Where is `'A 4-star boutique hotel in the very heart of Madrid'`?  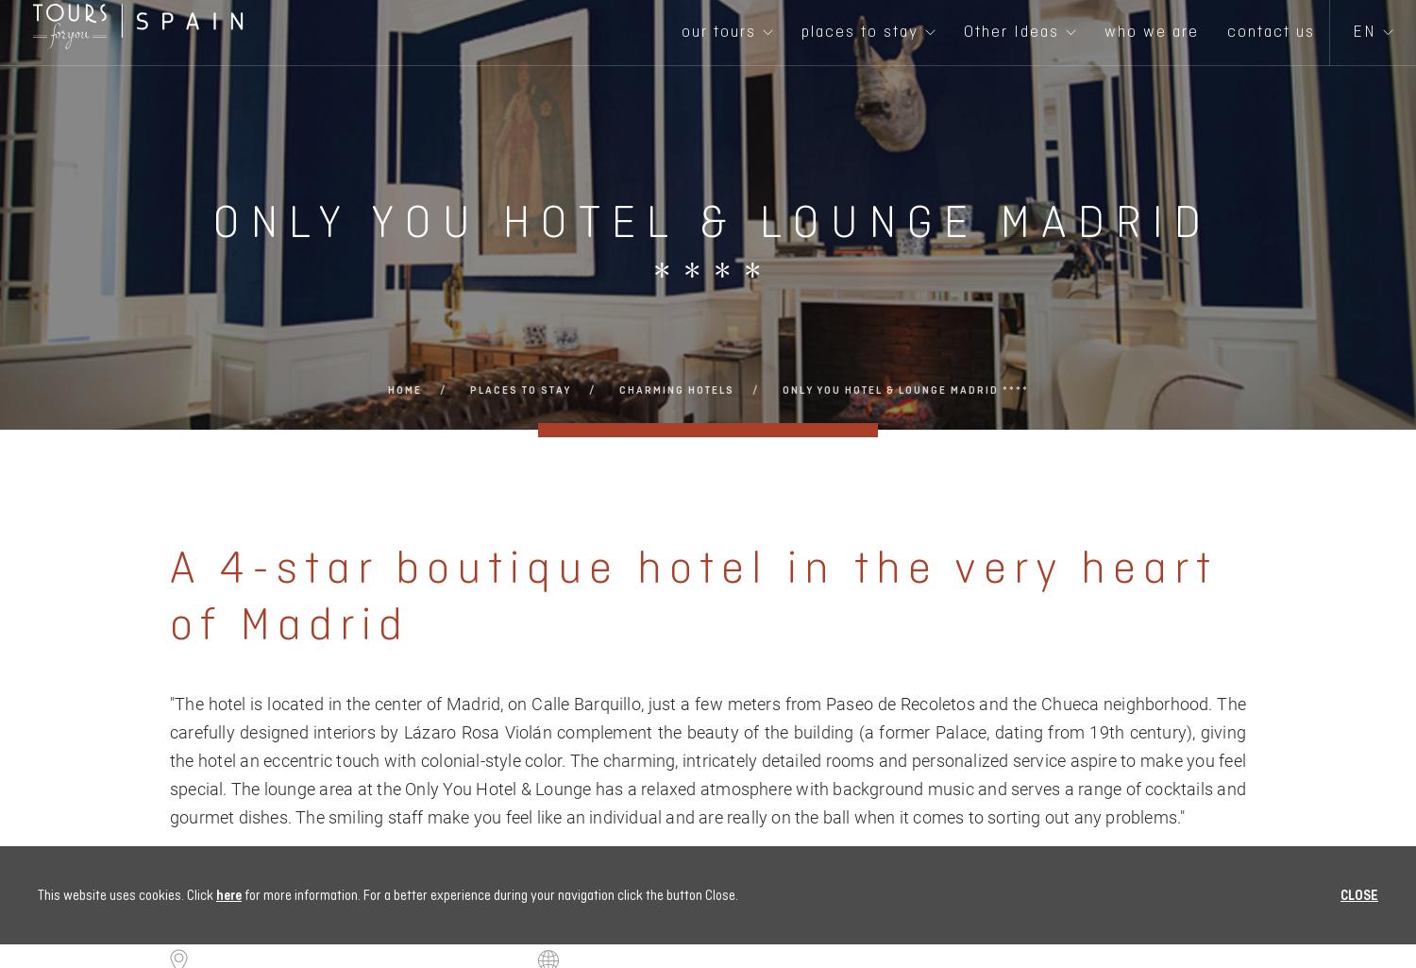 'A 4-star boutique hotel in the very heart of Madrid' is located at coordinates (693, 594).